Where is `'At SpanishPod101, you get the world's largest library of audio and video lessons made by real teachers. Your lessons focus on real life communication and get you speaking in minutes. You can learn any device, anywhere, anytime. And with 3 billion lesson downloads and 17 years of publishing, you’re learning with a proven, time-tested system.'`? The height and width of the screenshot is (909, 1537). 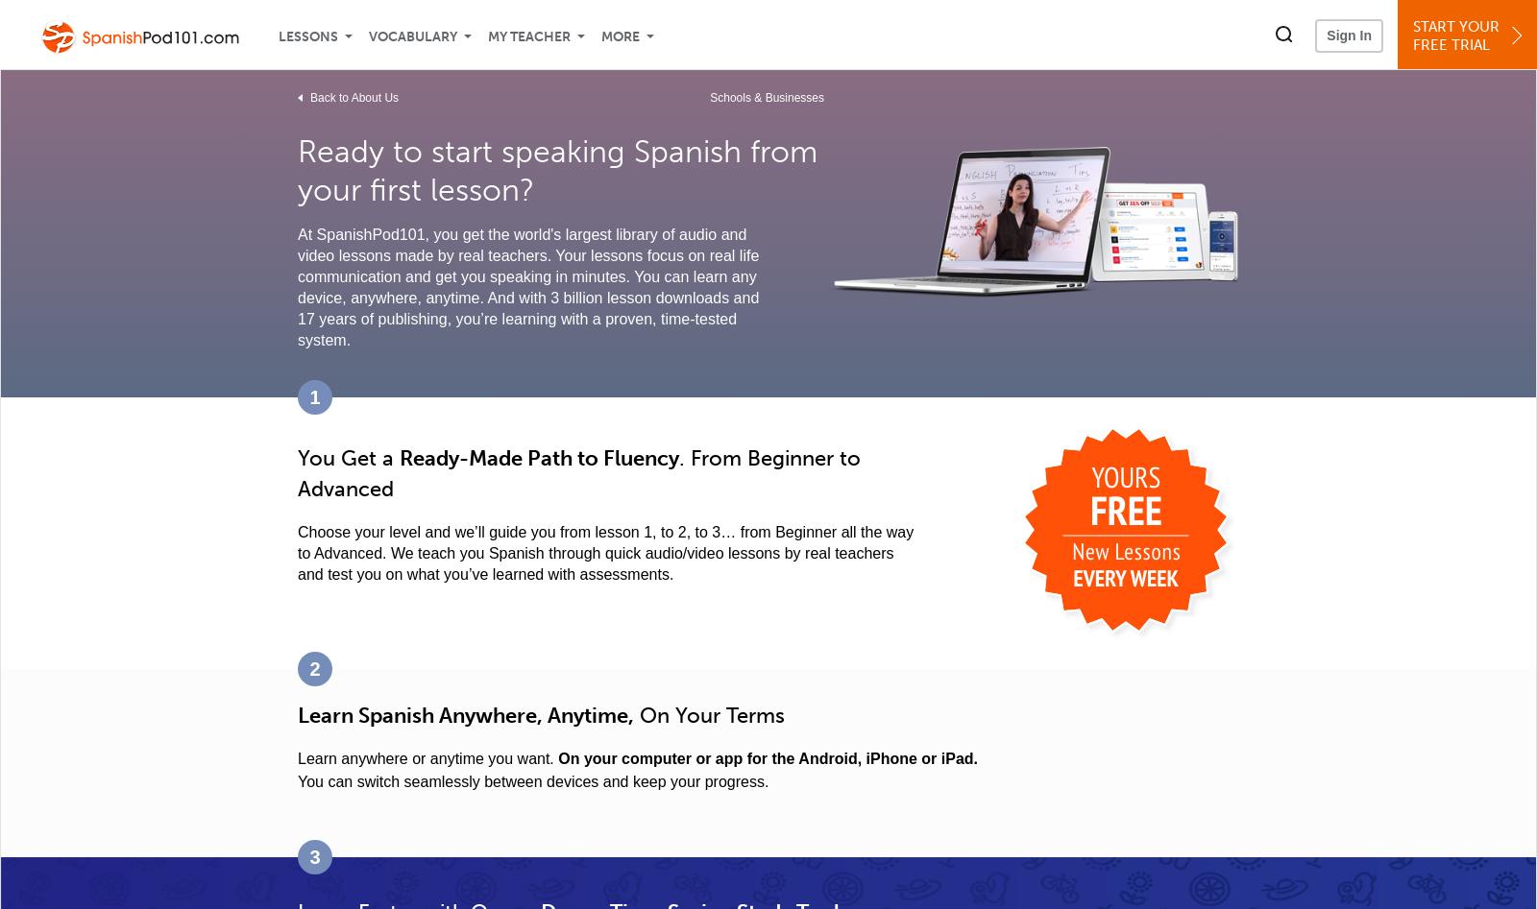 'At SpanishPod101, you get the world's largest library of audio and video lessons made by real teachers. Your lessons focus on real life communication and get you speaking in minutes. You can learn any device, anywhere, anytime. And with 3 billion lesson downloads and 17 years of publishing, you’re learning with a proven, time-tested system.' is located at coordinates (527, 286).